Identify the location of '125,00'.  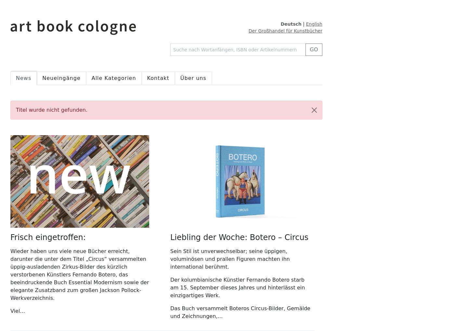
(179, 7).